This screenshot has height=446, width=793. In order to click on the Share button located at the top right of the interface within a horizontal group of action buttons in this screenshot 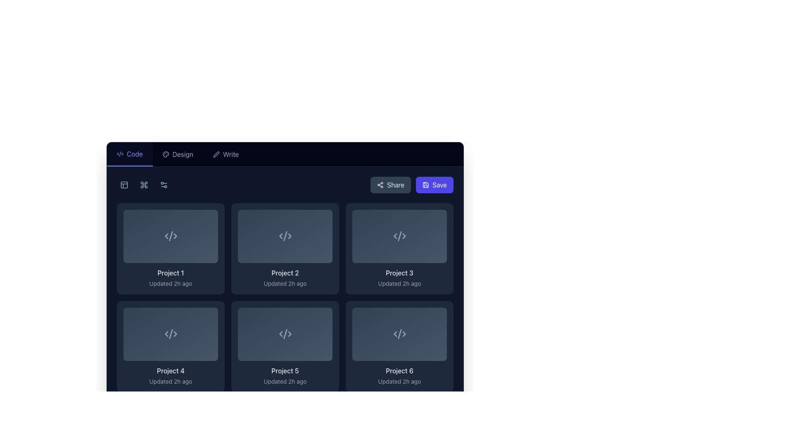, I will do `click(412, 184)`.